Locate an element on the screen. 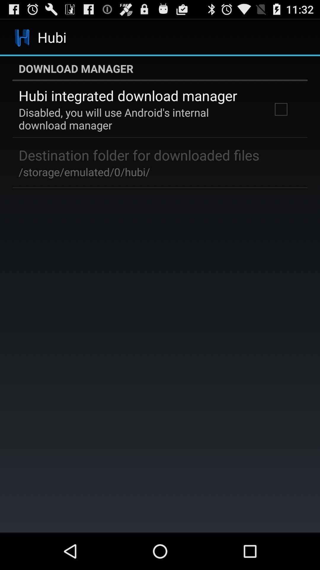 The width and height of the screenshot is (320, 570). item below destination folder for app is located at coordinates (84, 172).